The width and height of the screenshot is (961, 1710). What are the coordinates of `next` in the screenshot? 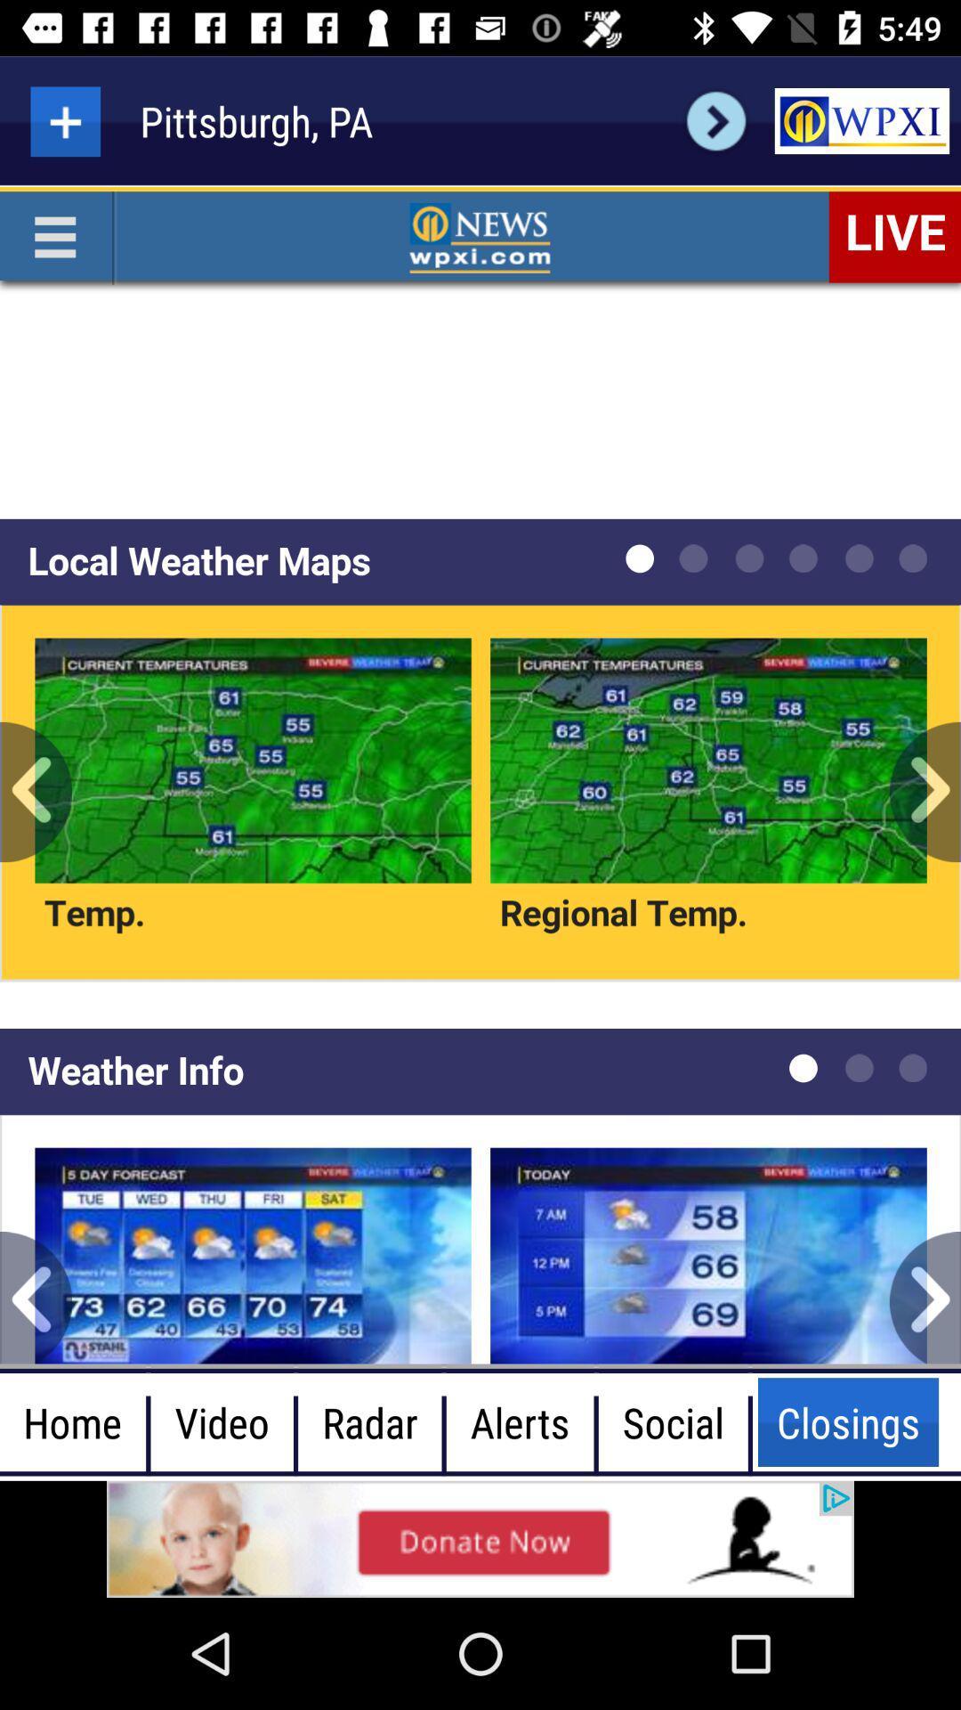 It's located at (715, 120).